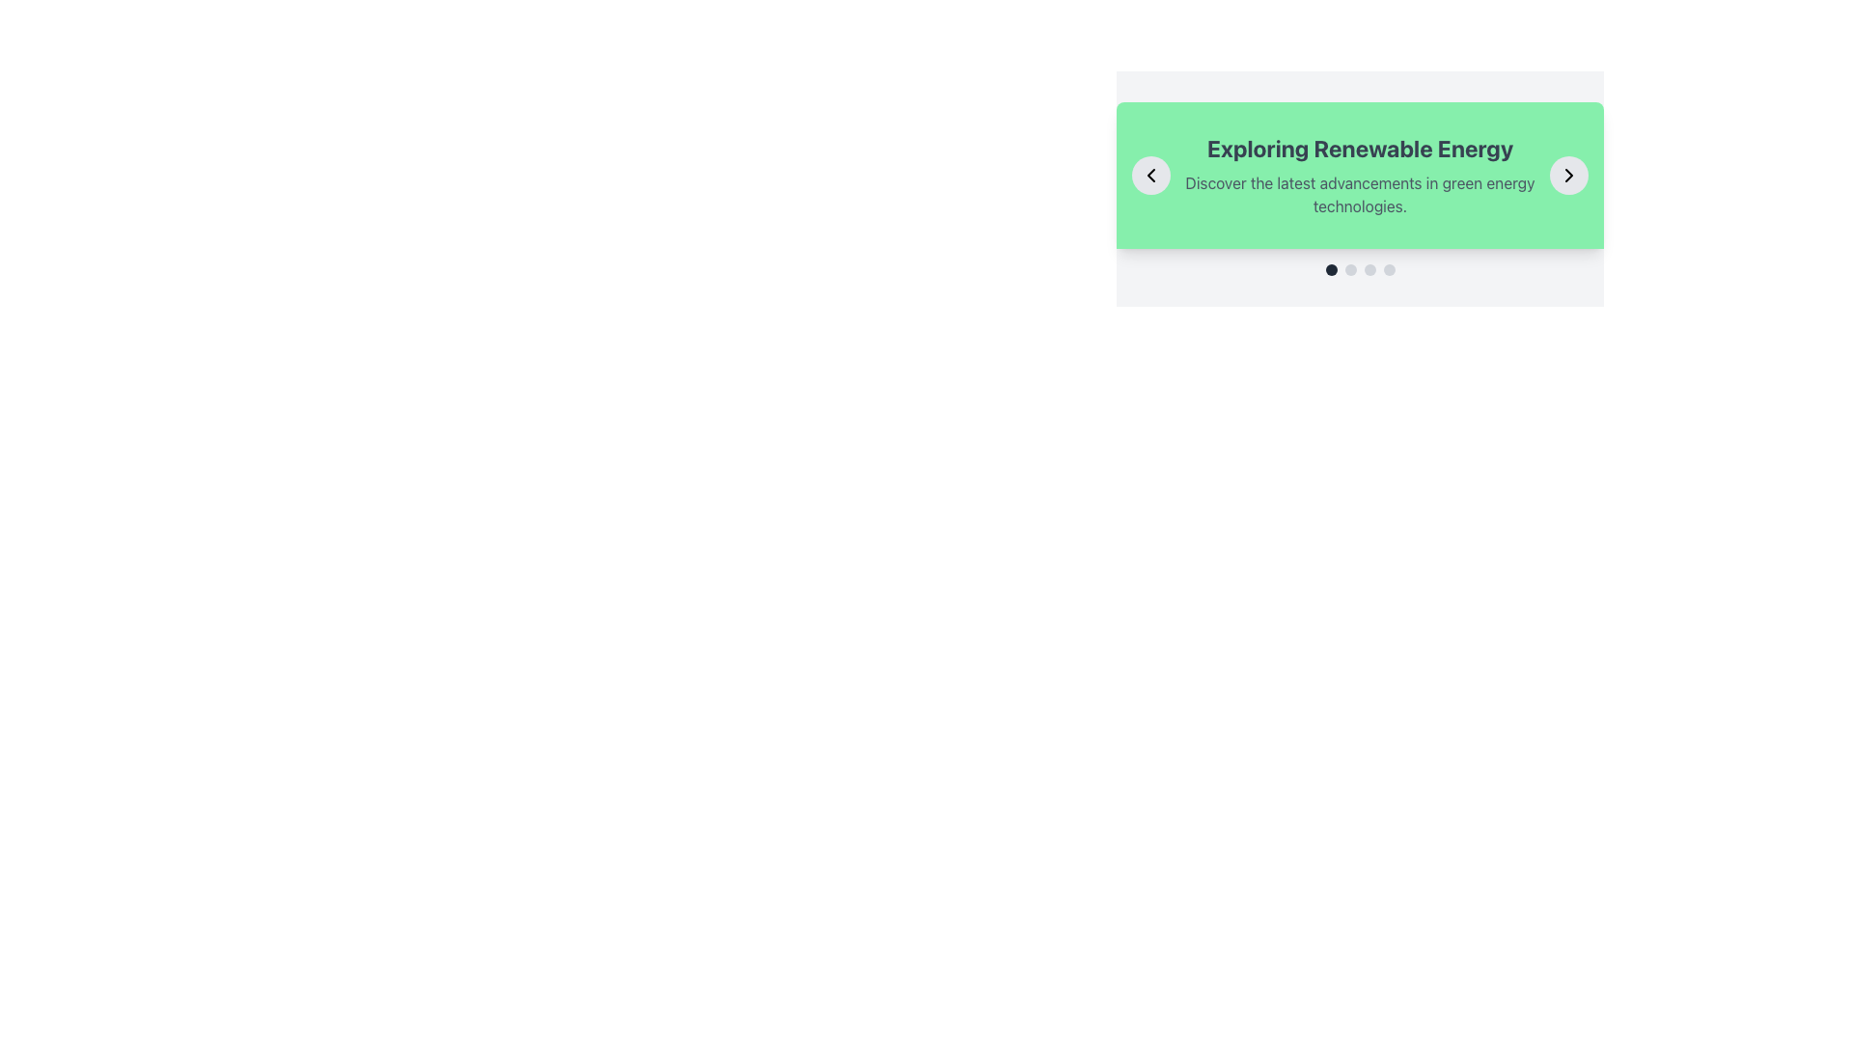  Describe the element at coordinates (1151, 175) in the screenshot. I see `the left navigation button on the card with a green background labeled 'Exploring Renewable Energy'` at that location.